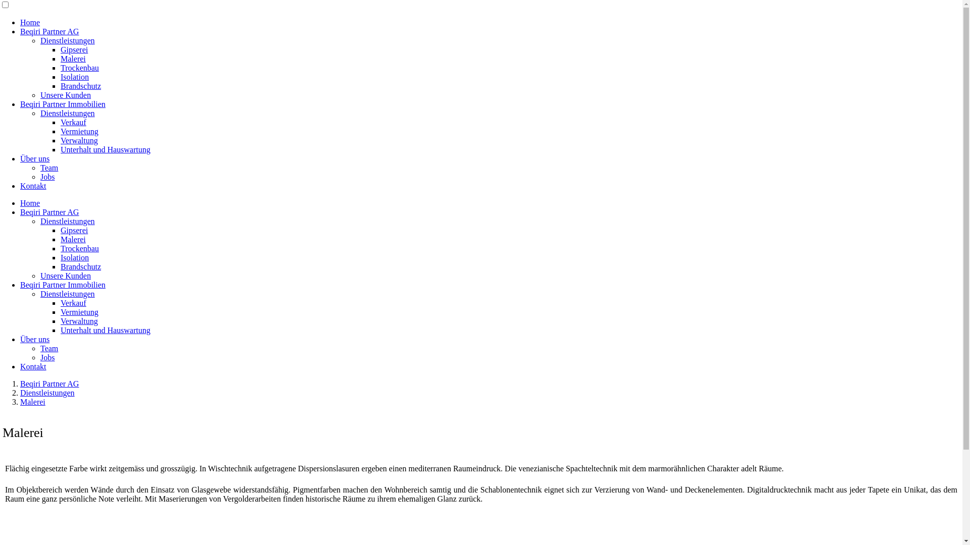 The image size is (970, 545). I want to click on 'Beqiri Partner Immobilien', so click(62, 285).